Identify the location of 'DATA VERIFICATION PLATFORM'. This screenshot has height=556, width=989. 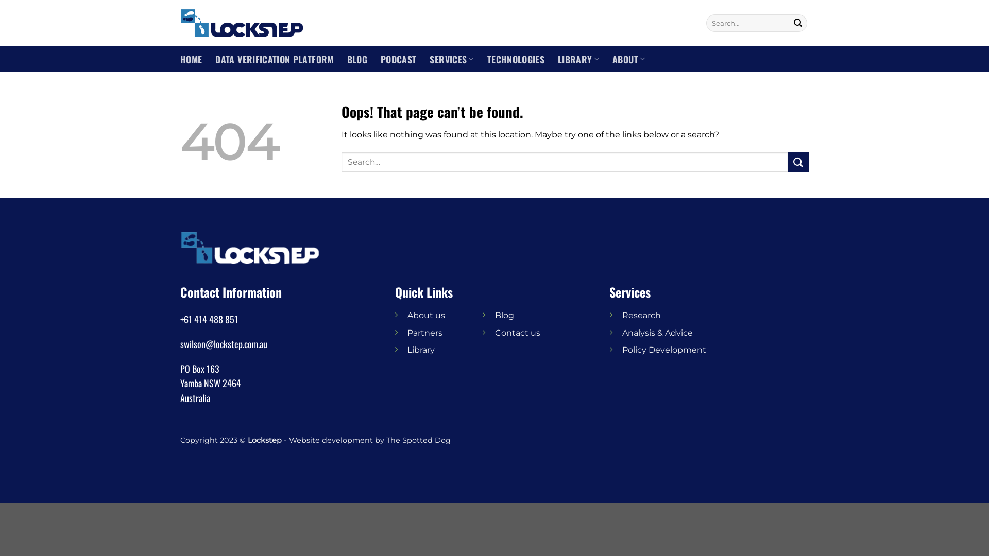
(214, 59).